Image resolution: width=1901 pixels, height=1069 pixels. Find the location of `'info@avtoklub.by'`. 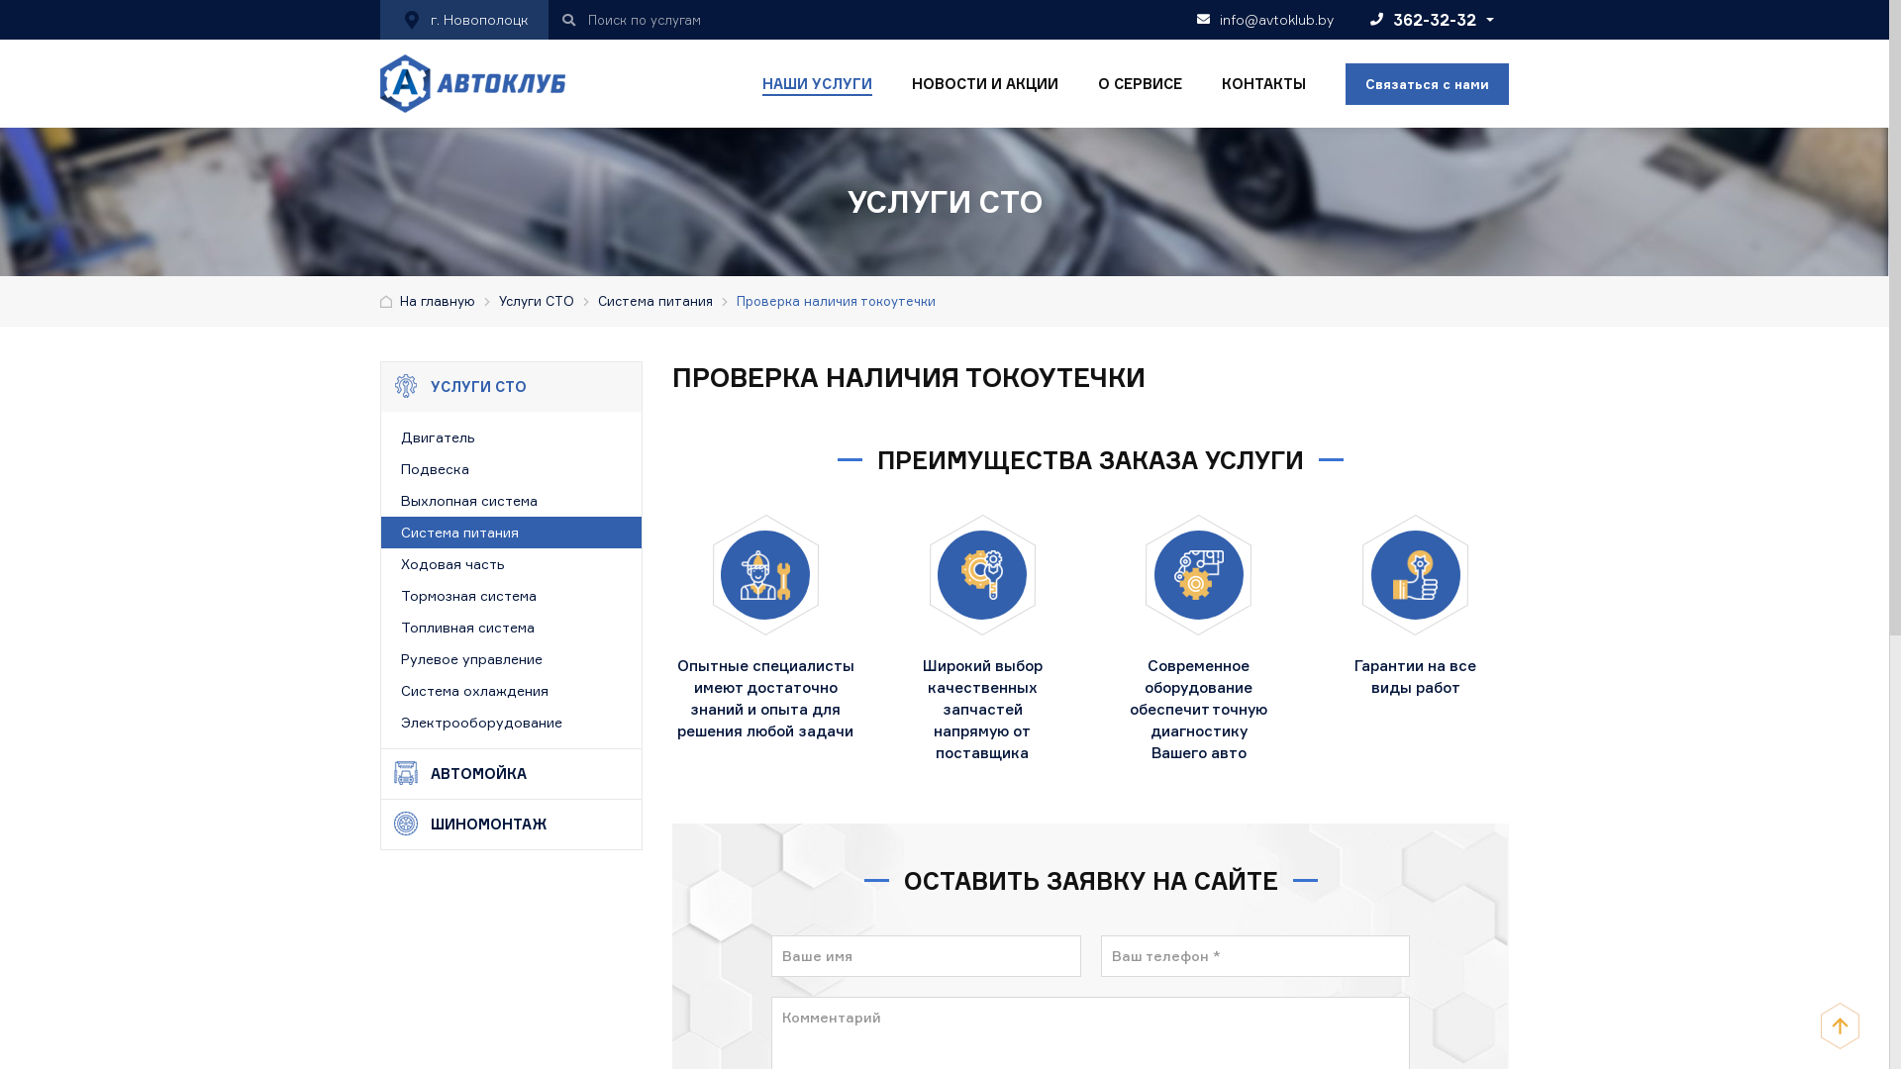

'info@avtoklub.by' is located at coordinates (1260, 19).